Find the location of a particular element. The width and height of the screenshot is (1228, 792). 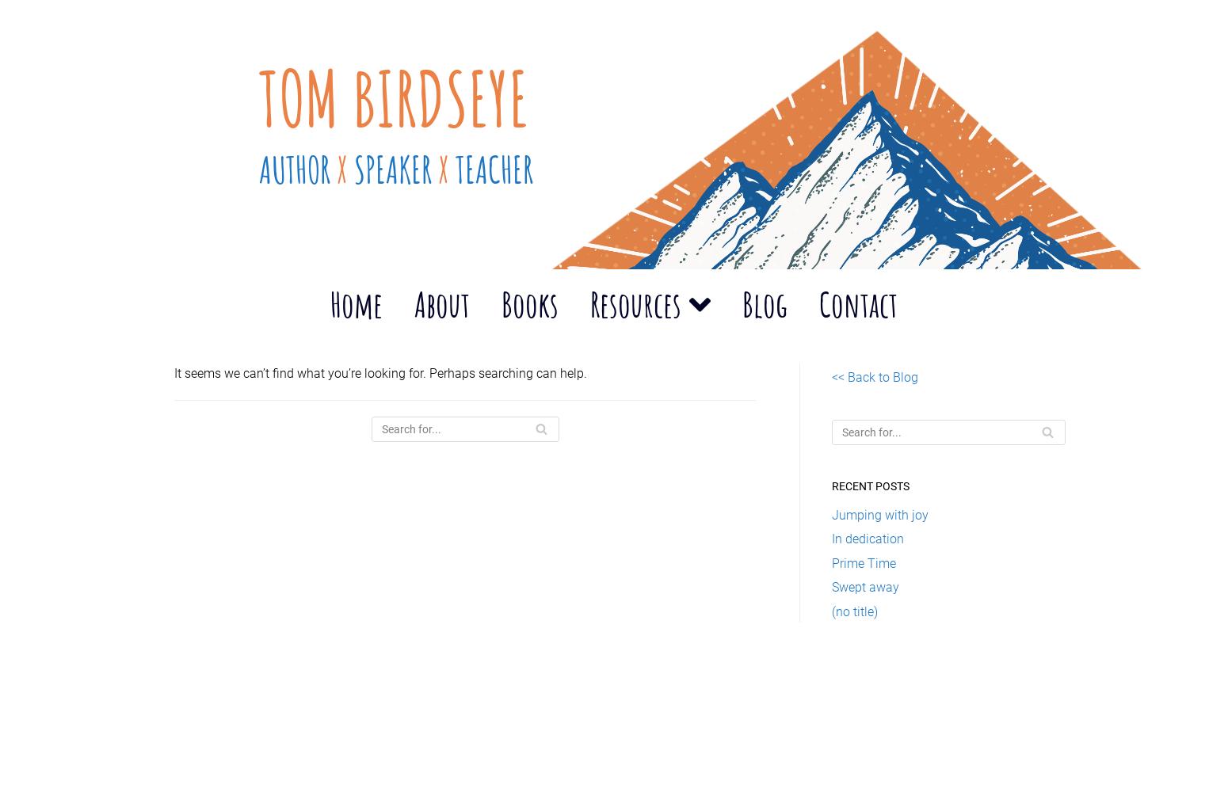

'Swept away' is located at coordinates (864, 586).